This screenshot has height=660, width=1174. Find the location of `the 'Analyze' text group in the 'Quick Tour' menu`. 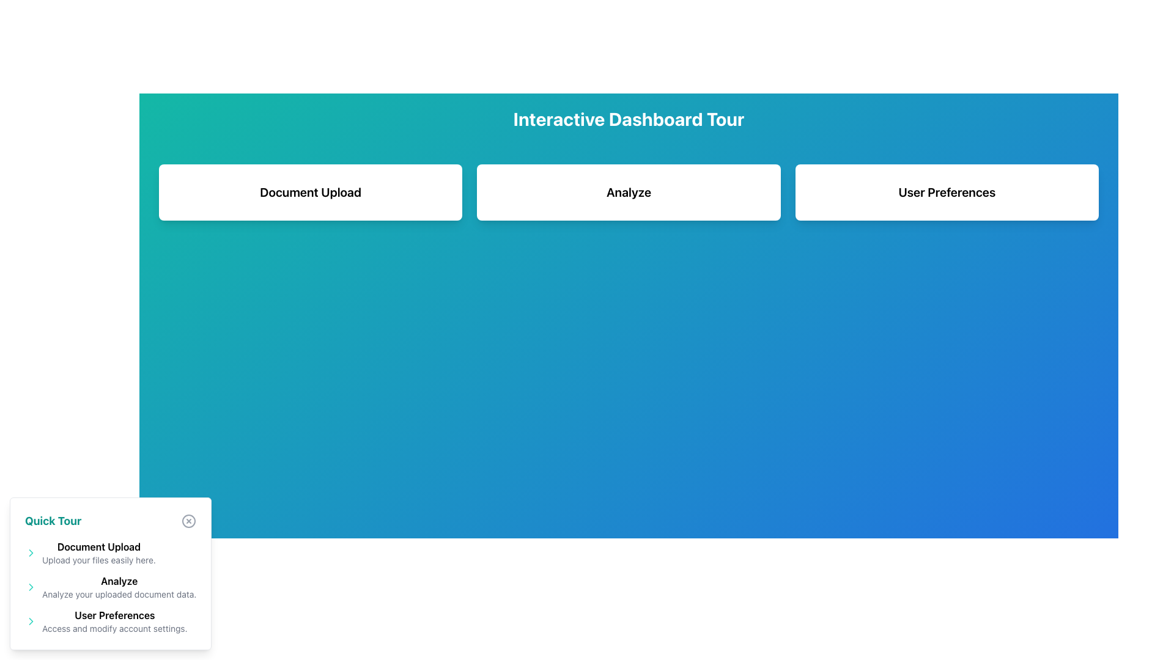

the 'Analyze' text group in the 'Quick Tour' menu is located at coordinates (111, 586).